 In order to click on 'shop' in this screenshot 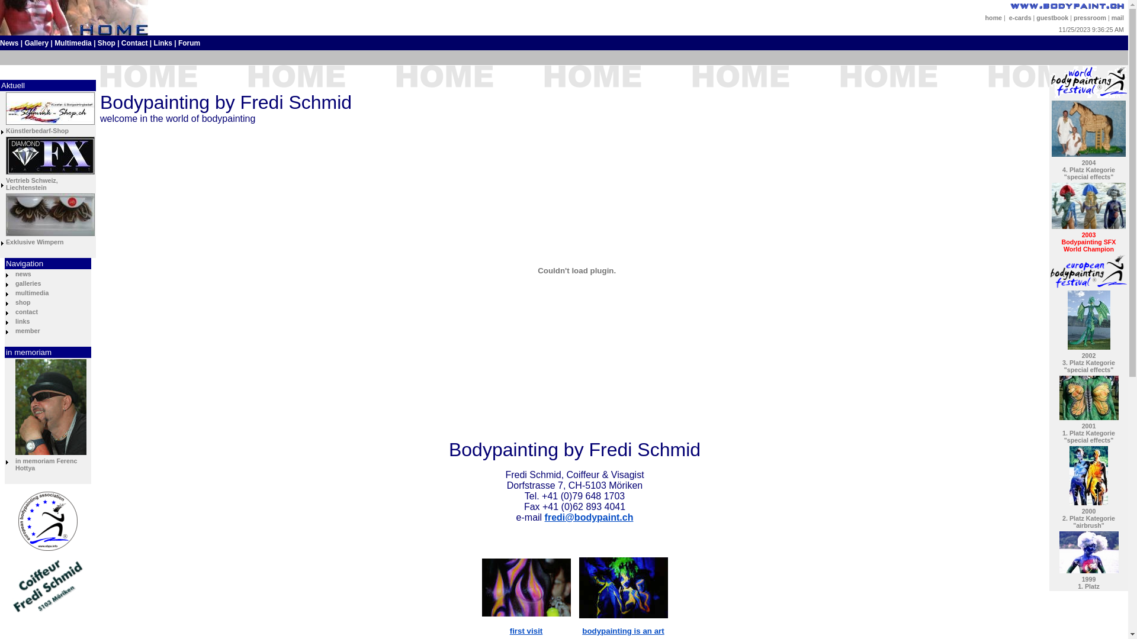, I will do `click(23, 301)`.